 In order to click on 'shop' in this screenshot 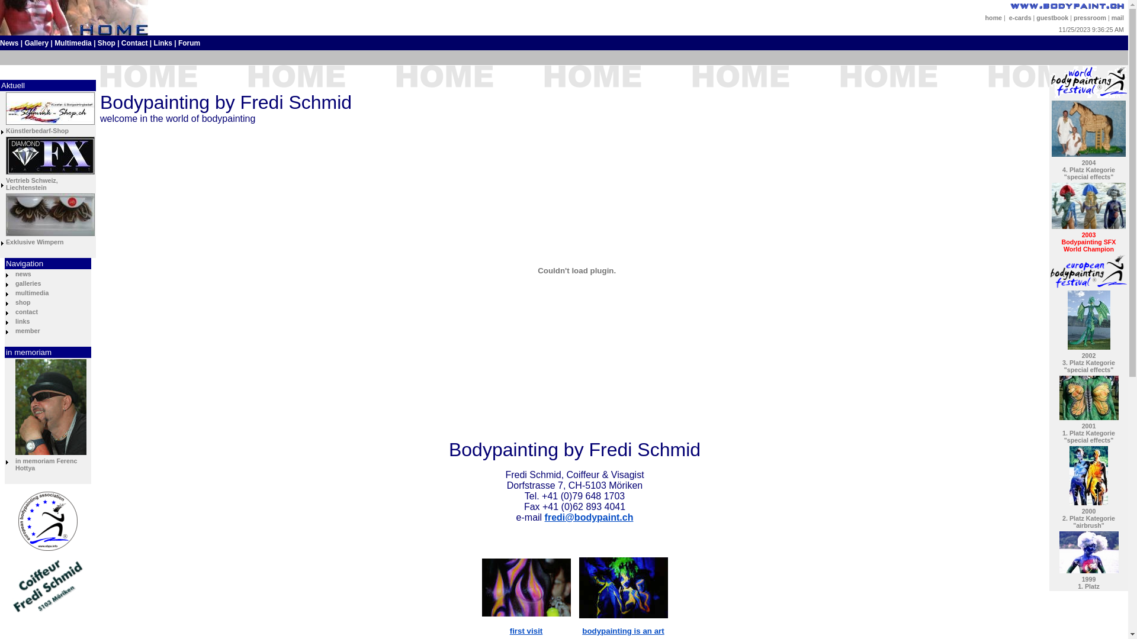, I will do `click(23, 301)`.